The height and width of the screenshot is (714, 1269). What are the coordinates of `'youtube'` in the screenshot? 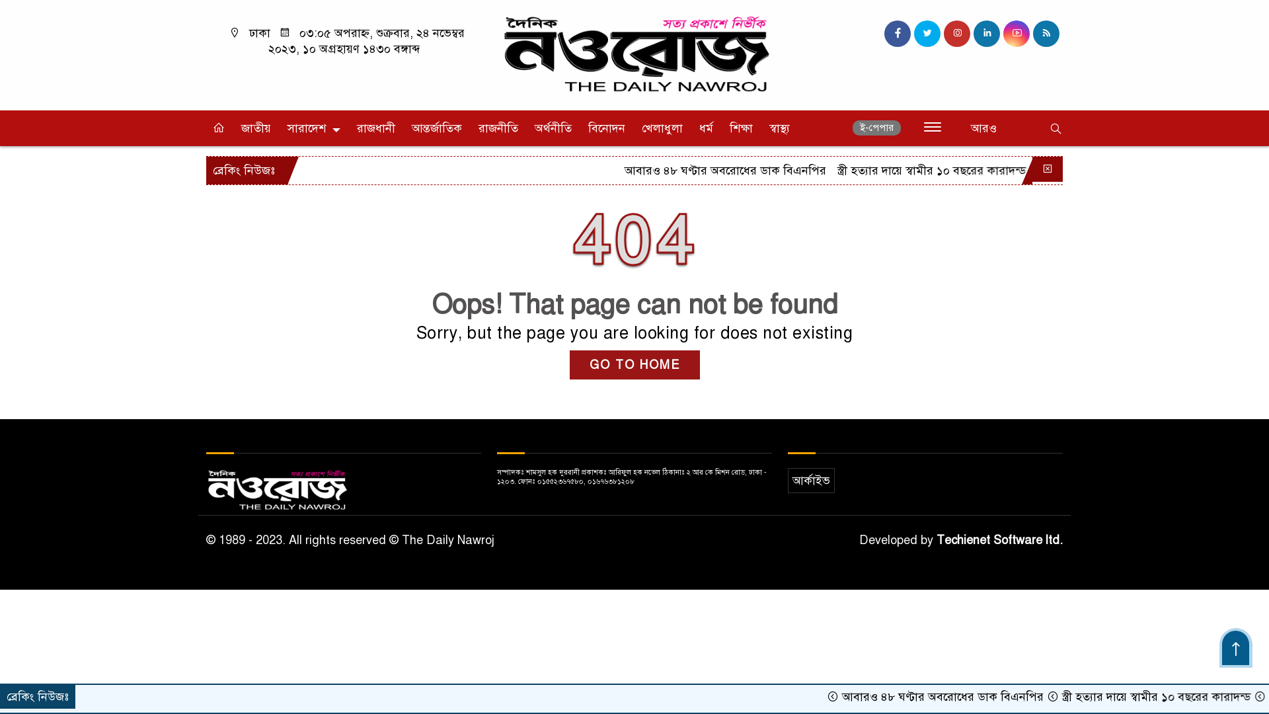 It's located at (1003, 32).